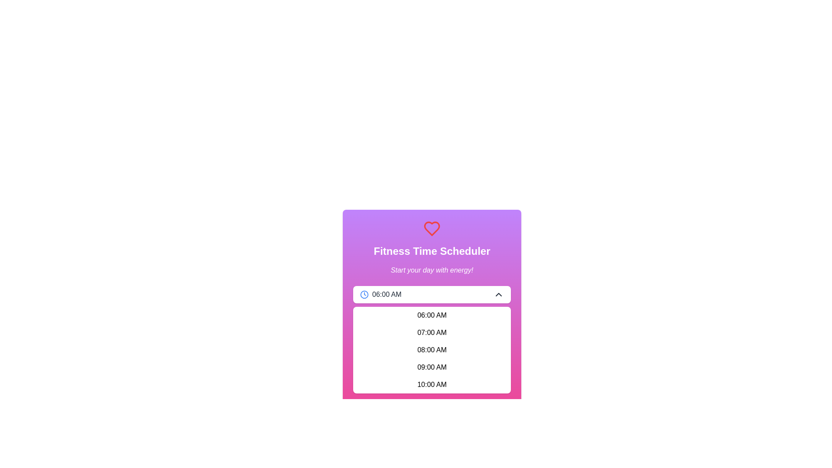  Describe the element at coordinates (432, 339) in the screenshot. I see `the time selection dropdown menu located in the center of the 'Fitness Time Scheduler' widget` at that location.